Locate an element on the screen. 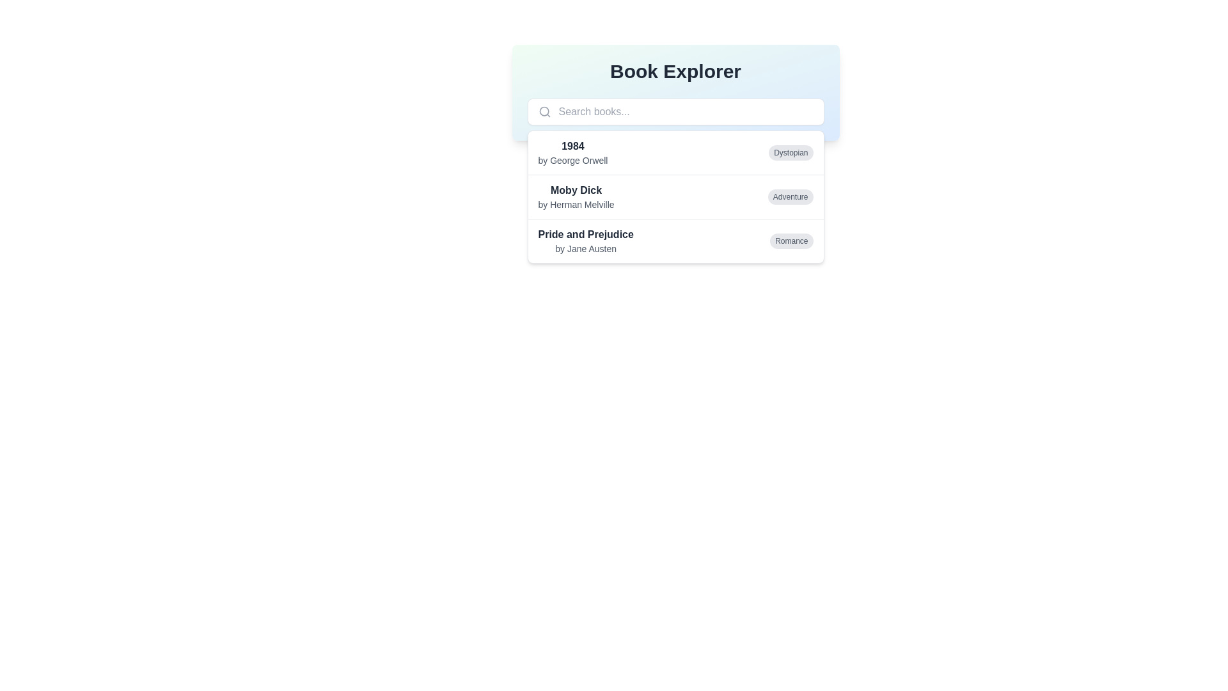 The height and width of the screenshot is (691, 1228). the static text label displaying 'by Jane Austen' which is located directly beneath the title 'Pride and Prejudice' in the list of books is located at coordinates (585, 249).